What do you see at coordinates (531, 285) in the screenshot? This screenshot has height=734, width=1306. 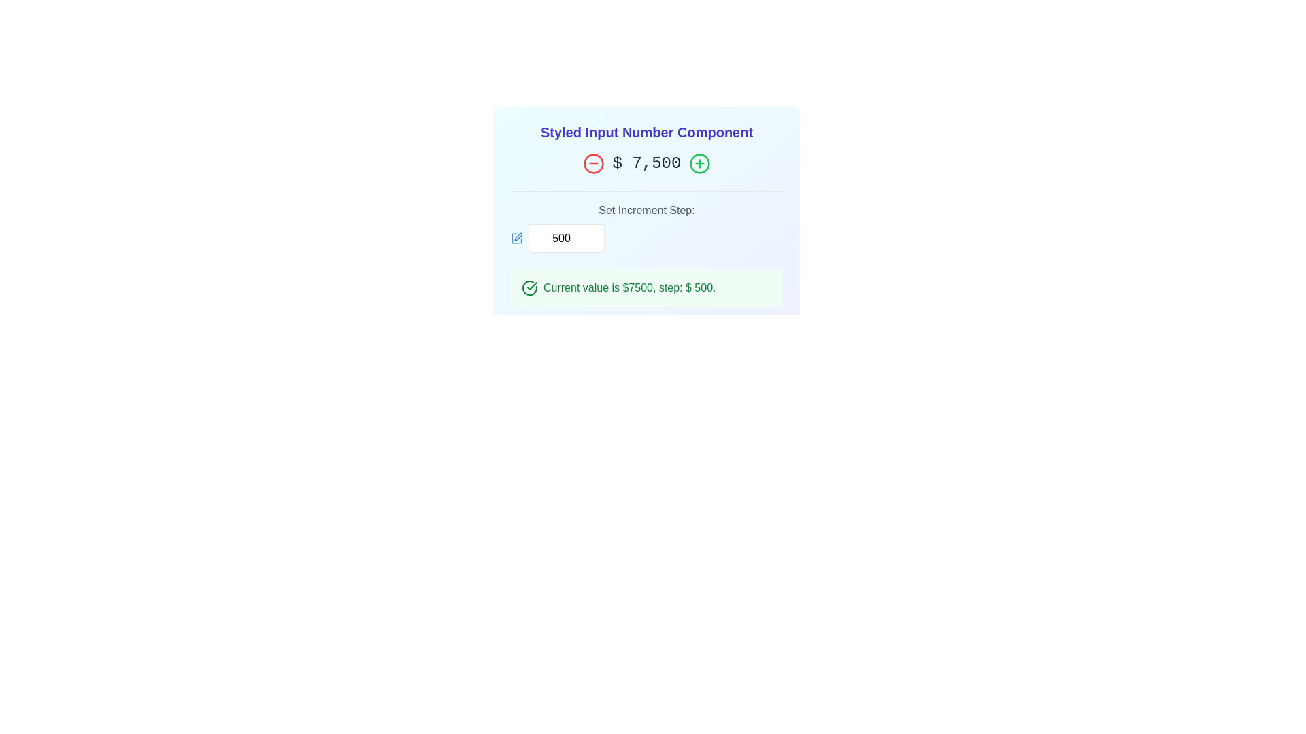 I see `the checkmark icon in the SVG graphic, which is part of a larger circular checkmark icon located near the bottom-left of a light green notification box containing the text 'Current value is $7500, step: $500.'` at bounding box center [531, 285].